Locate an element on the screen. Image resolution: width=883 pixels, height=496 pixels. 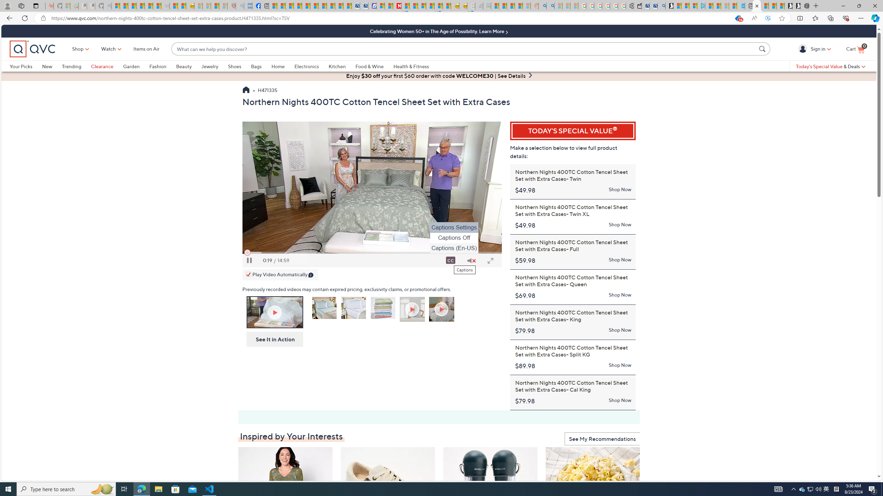
'Combat Siege - Sleeping' is located at coordinates (165, 6).